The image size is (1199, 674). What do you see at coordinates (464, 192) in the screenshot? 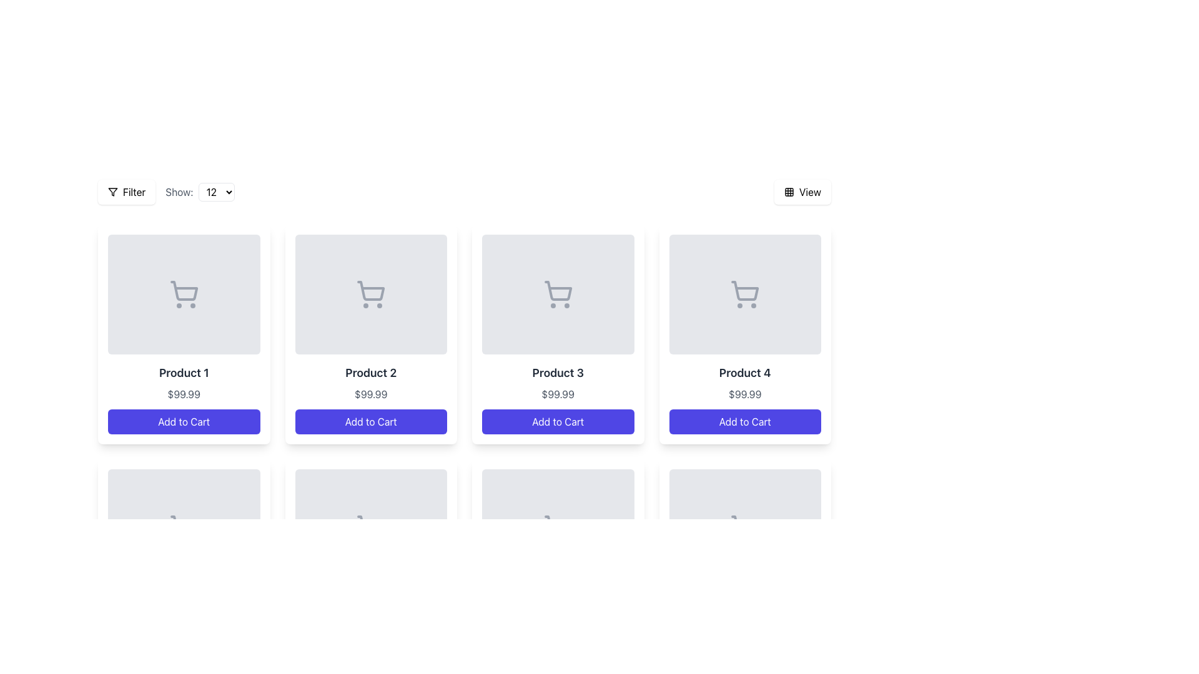
I see `the dropdown in the Toolbar at the top of the content area to choose a number for filtering product listings` at bounding box center [464, 192].